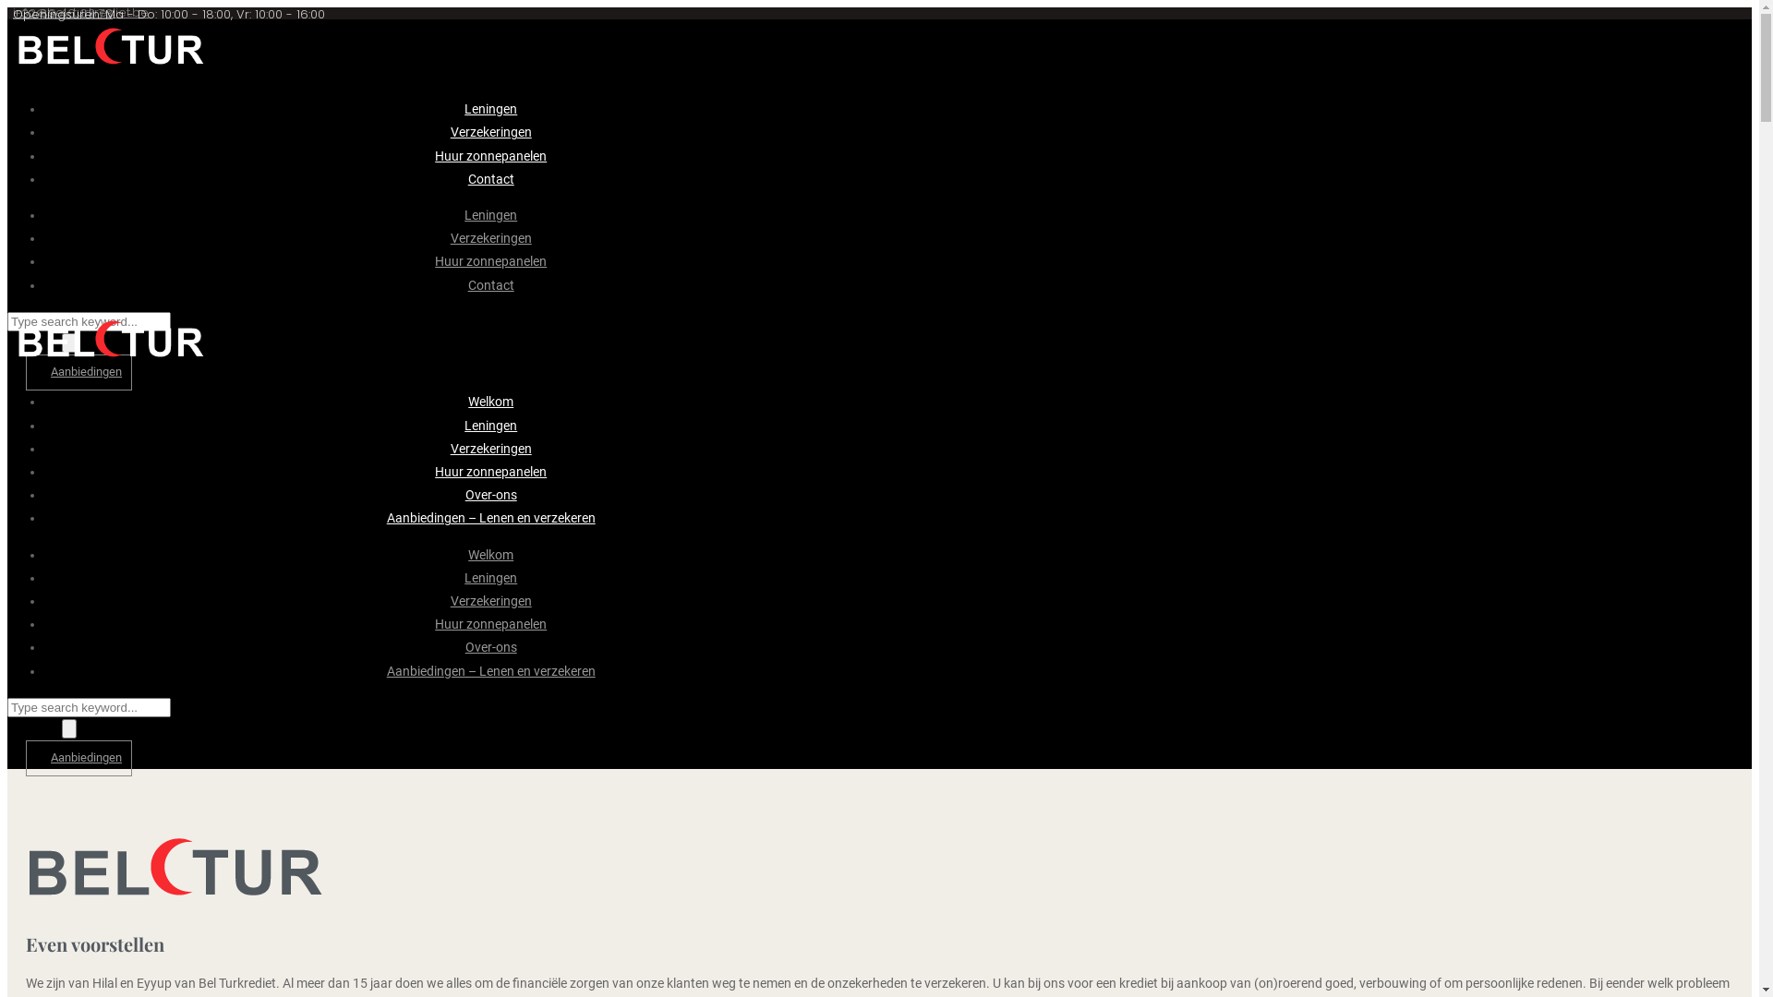 The image size is (1773, 997). Describe the element at coordinates (490, 576) in the screenshot. I see `'Leningen'` at that location.